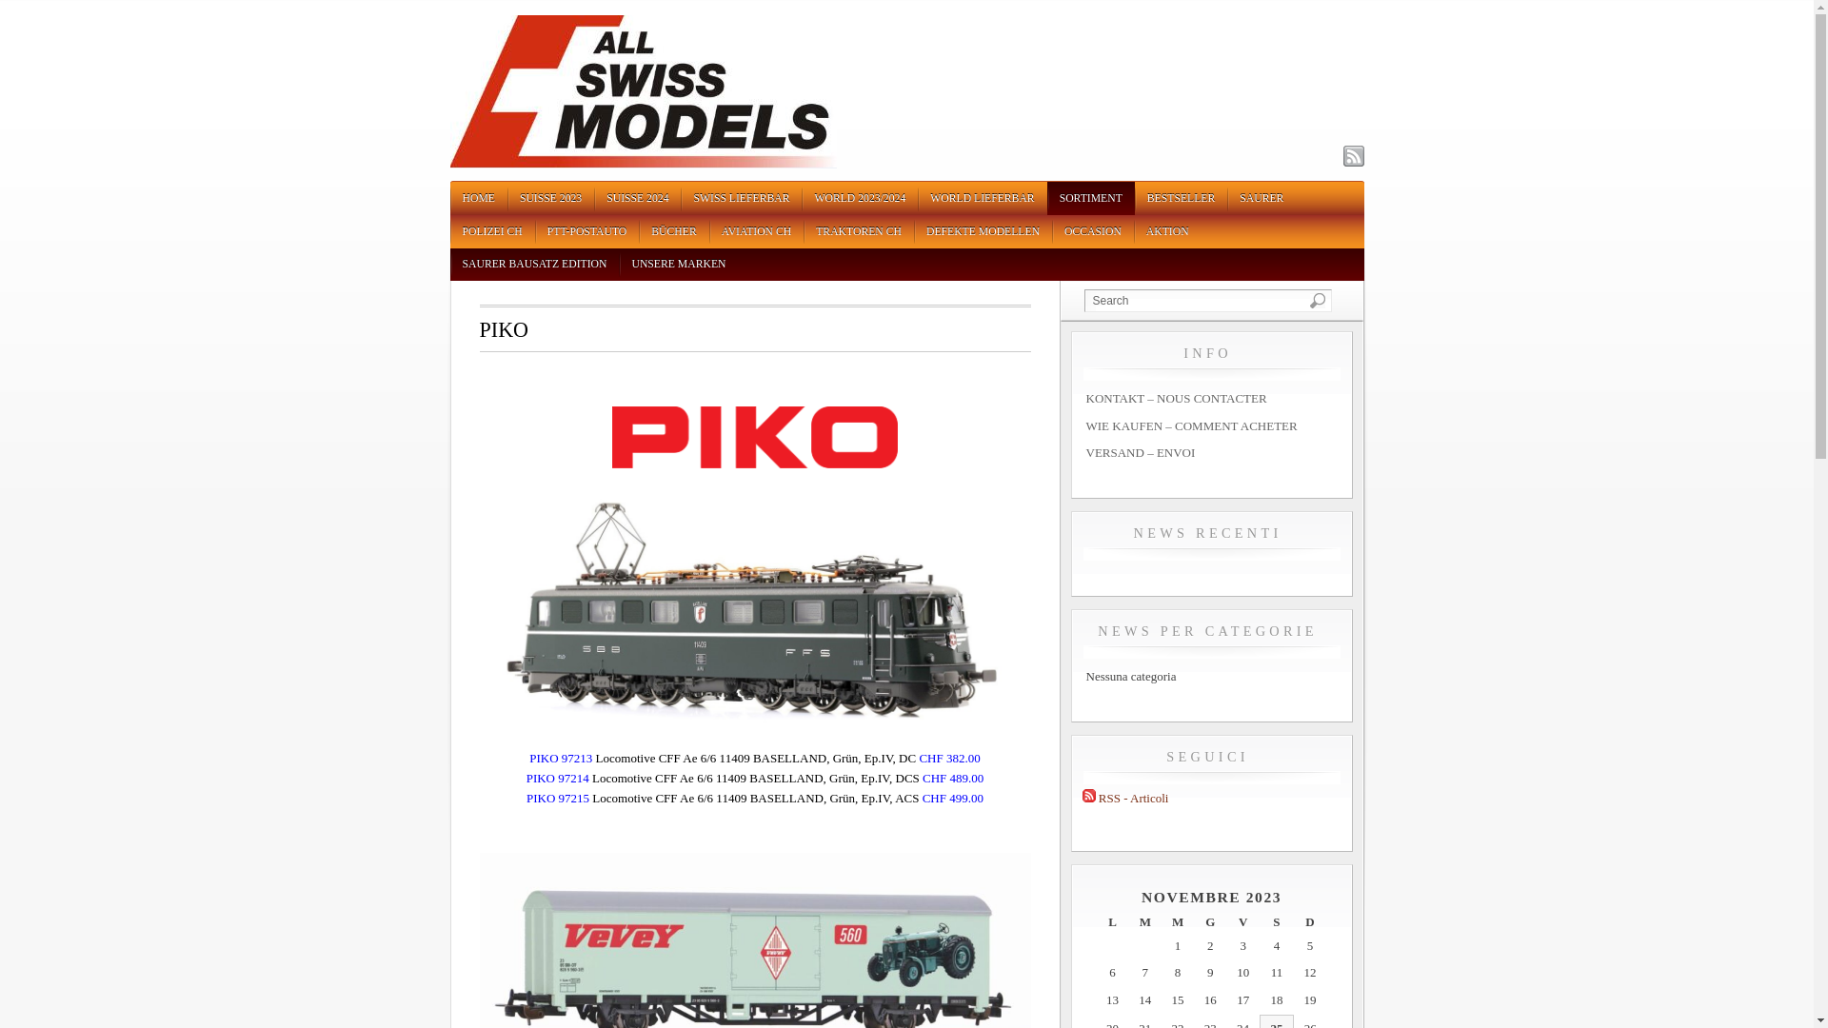 The image size is (1828, 1028). What do you see at coordinates (618, 264) in the screenshot?
I see `'UNSERE MARKEN'` at bounding box center [618, 264].